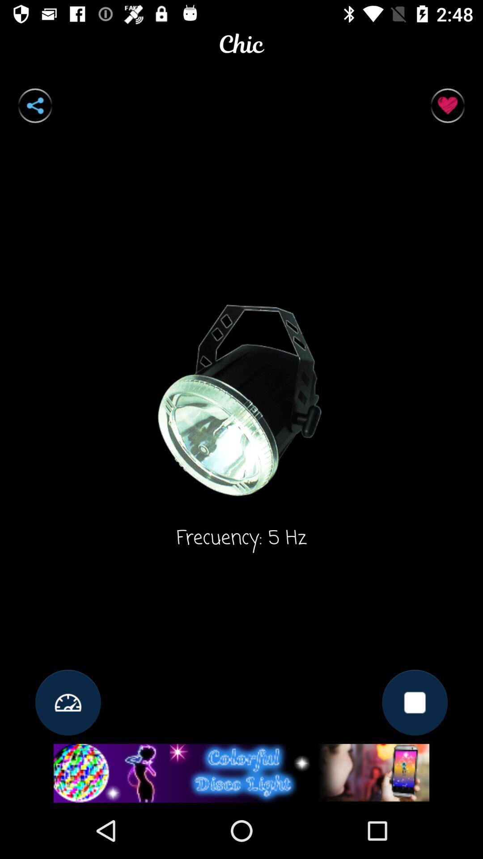 The image size is (483, 859). What do you see at coordinates (34, 106) in the screenshot?
I see `connect to bluetooth` at bounding box center [34, 106].